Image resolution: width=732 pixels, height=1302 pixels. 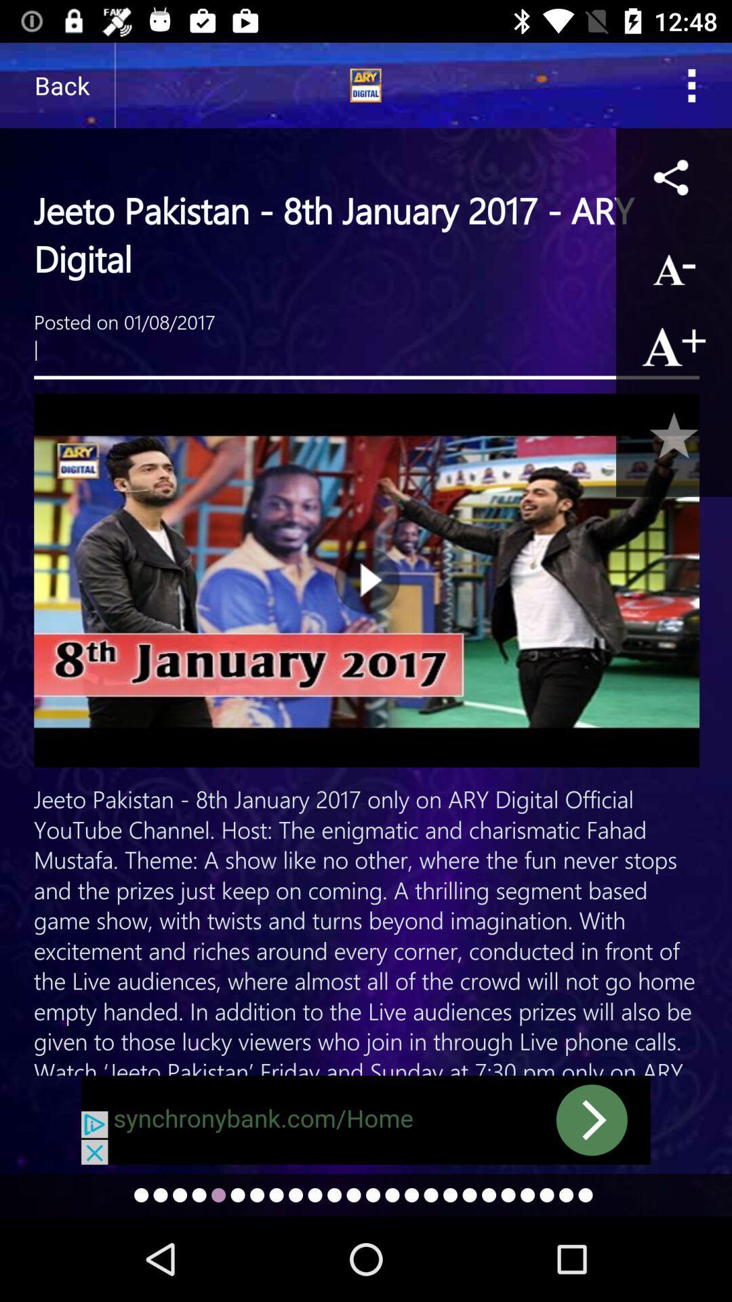 What do you see at coordinates (674, 176) in the screenshot?
I see `share the article` at bounding box center [674, 176].